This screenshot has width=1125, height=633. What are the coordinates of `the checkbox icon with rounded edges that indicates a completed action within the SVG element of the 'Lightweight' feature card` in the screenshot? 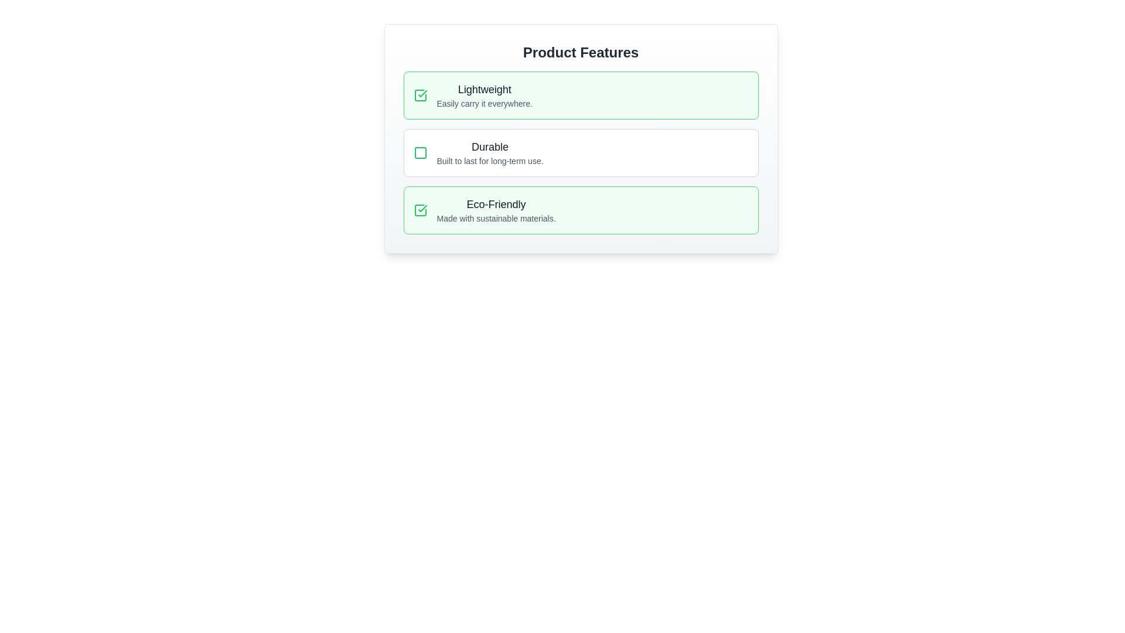 It's located at (420, 209).